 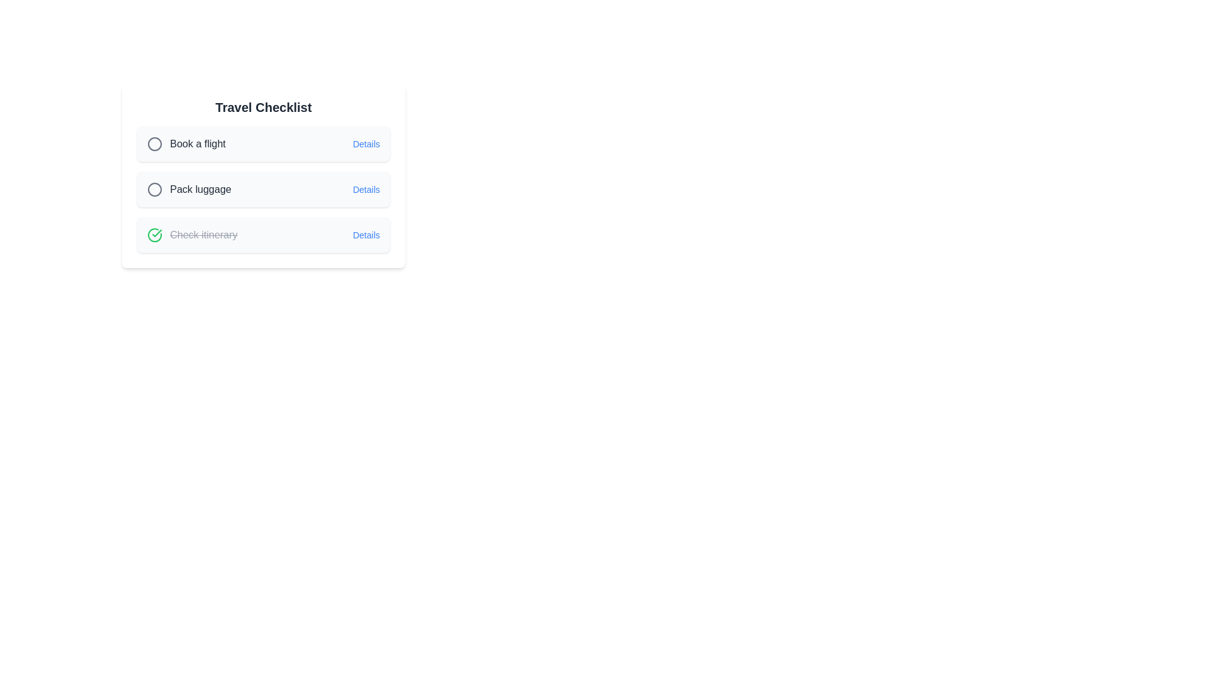 What do you see at coordinates (154, 190) in the screenshot?
I see `the status of the circular indicator representing the checklist item 'Book a flight', which is located at the top of the list under 'Travel Checklist'` at bounding box center [154, 190].